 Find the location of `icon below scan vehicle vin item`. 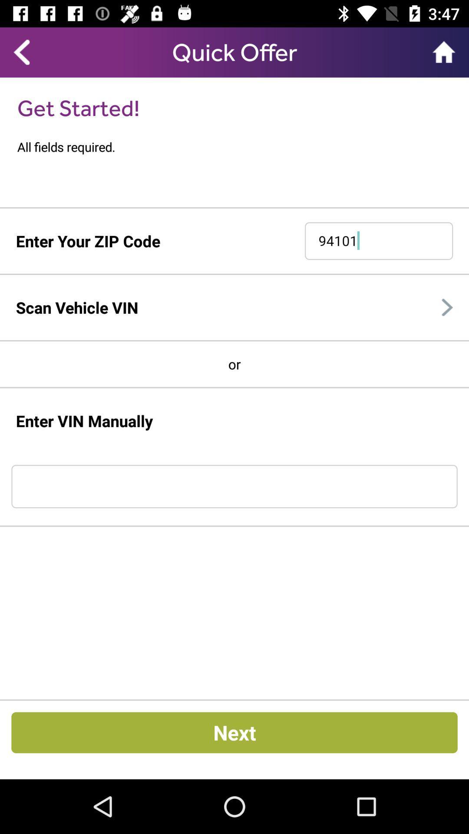

icon below scan vehicle vin item is located at coordinates (234, 340).